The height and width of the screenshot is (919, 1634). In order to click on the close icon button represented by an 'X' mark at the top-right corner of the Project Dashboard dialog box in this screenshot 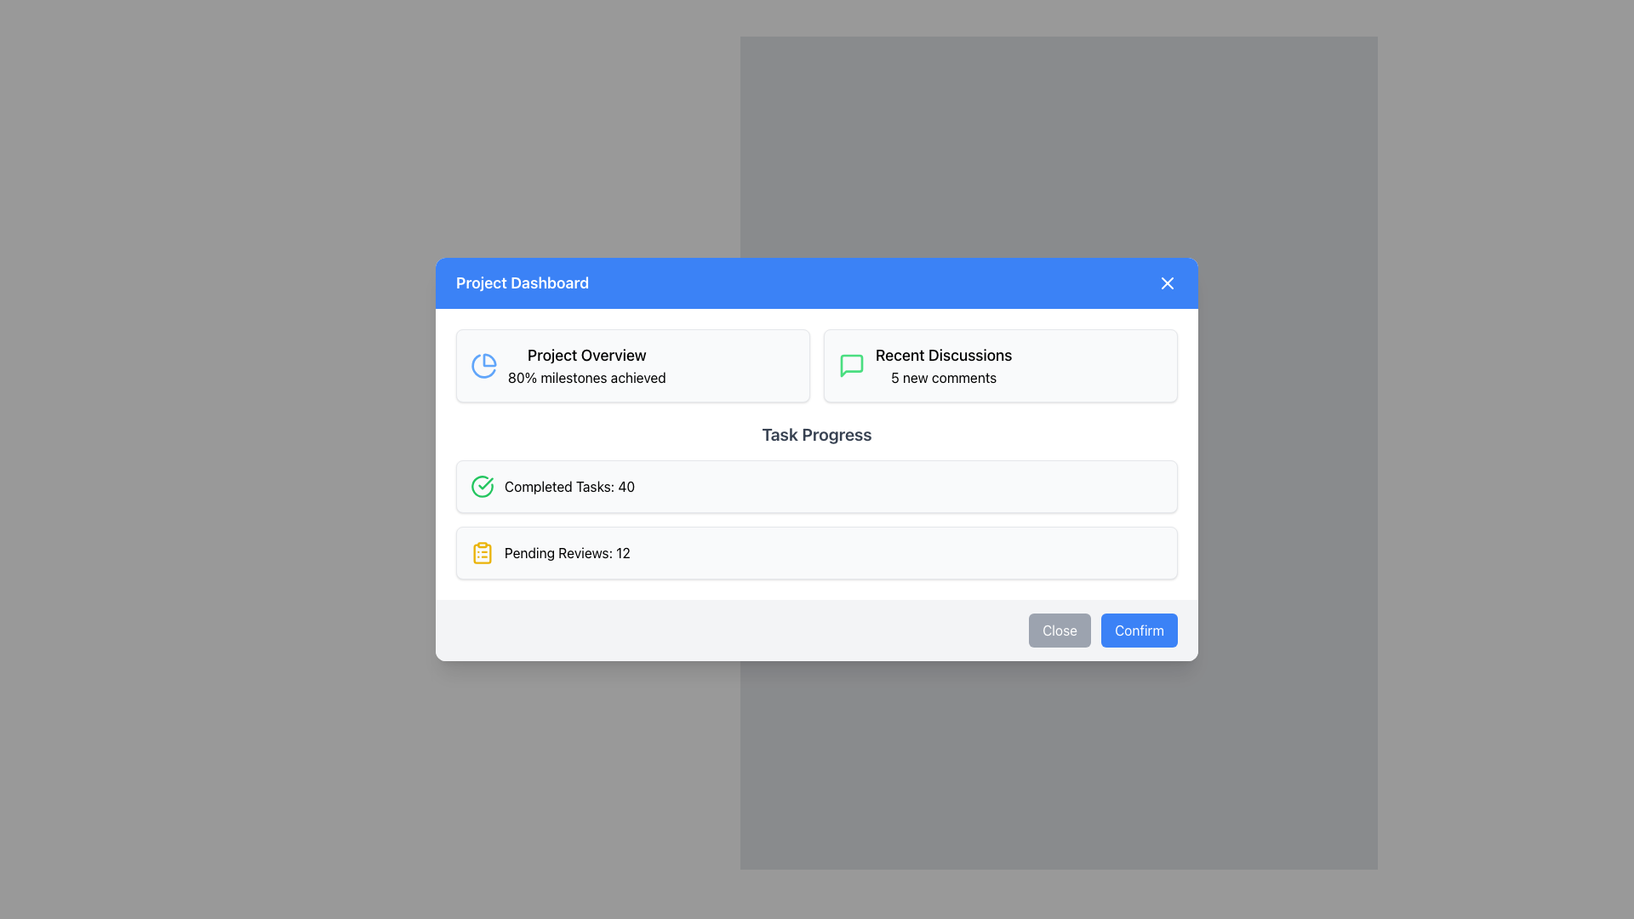, I will do `click(1167, 282)`.